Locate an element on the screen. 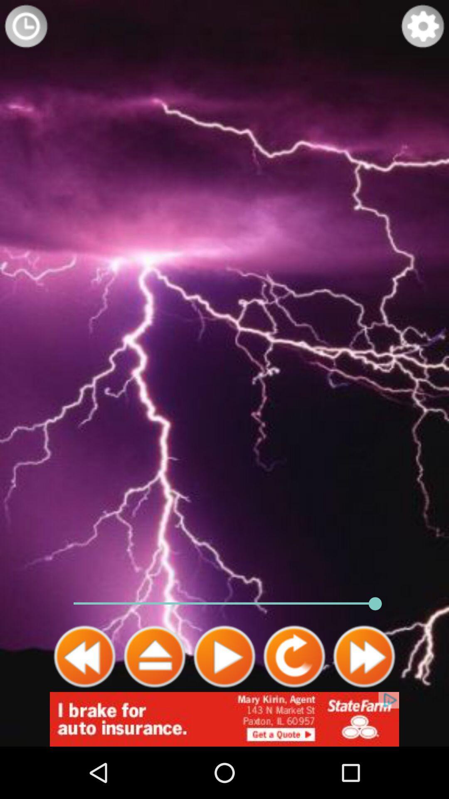  advance sound is located at coordinates (154, 656).